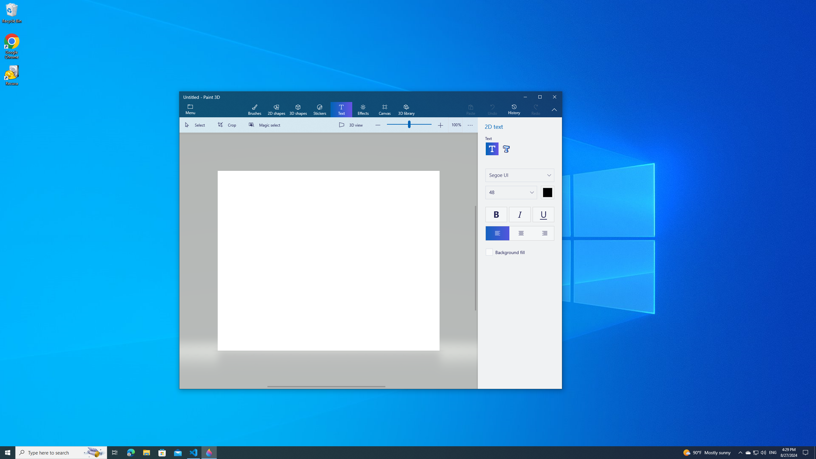  What do you see at coordinates (492, 110) in the screenshot?
I see `'Undo'` at bounding box center [492, 110].